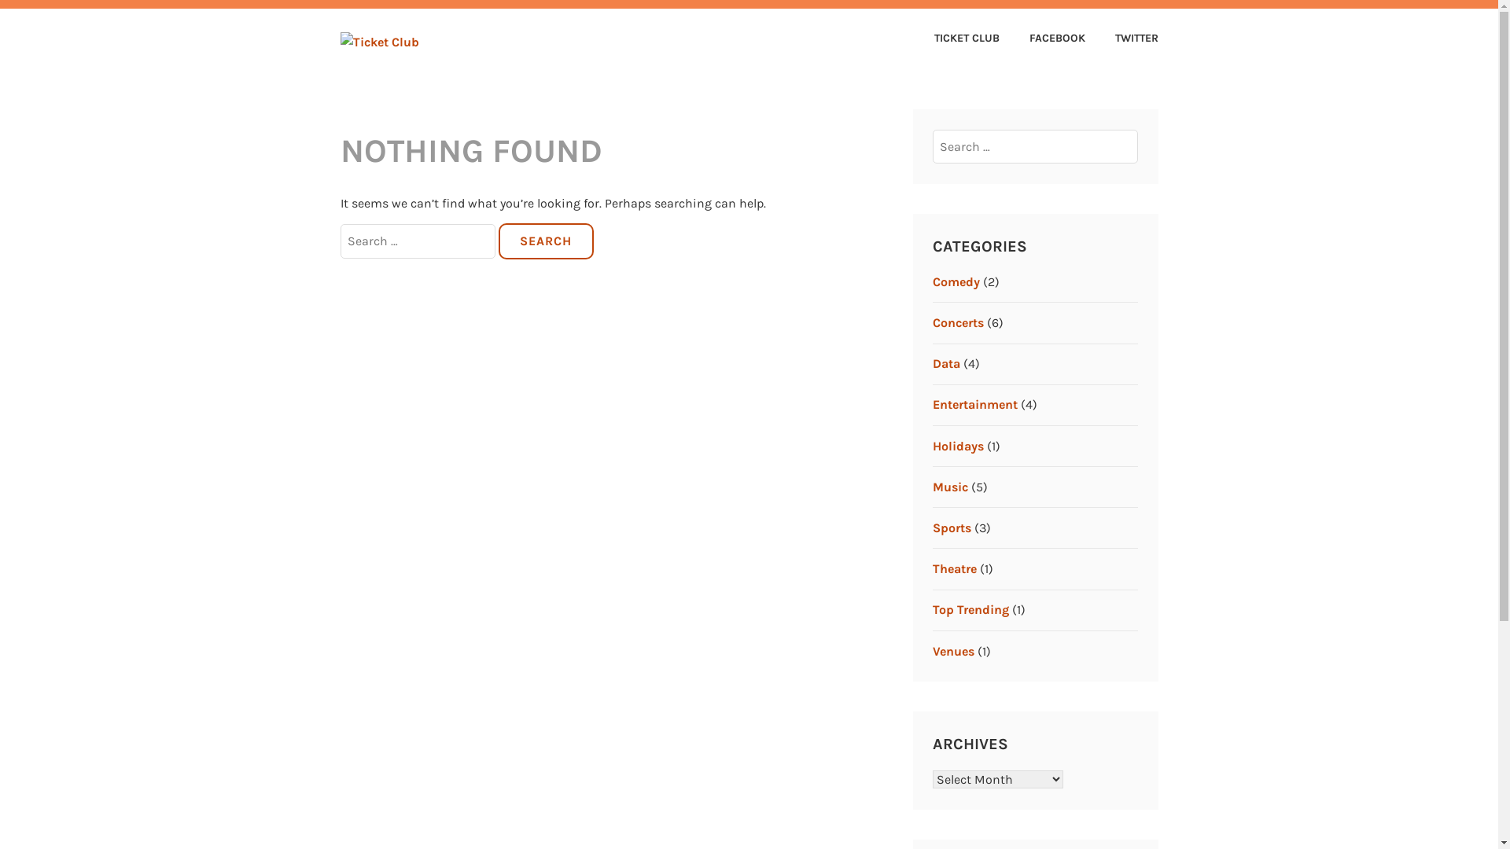  Describe the element at coordinates (955, 281) in the screenshot. I see `'Comedy'` at that location.